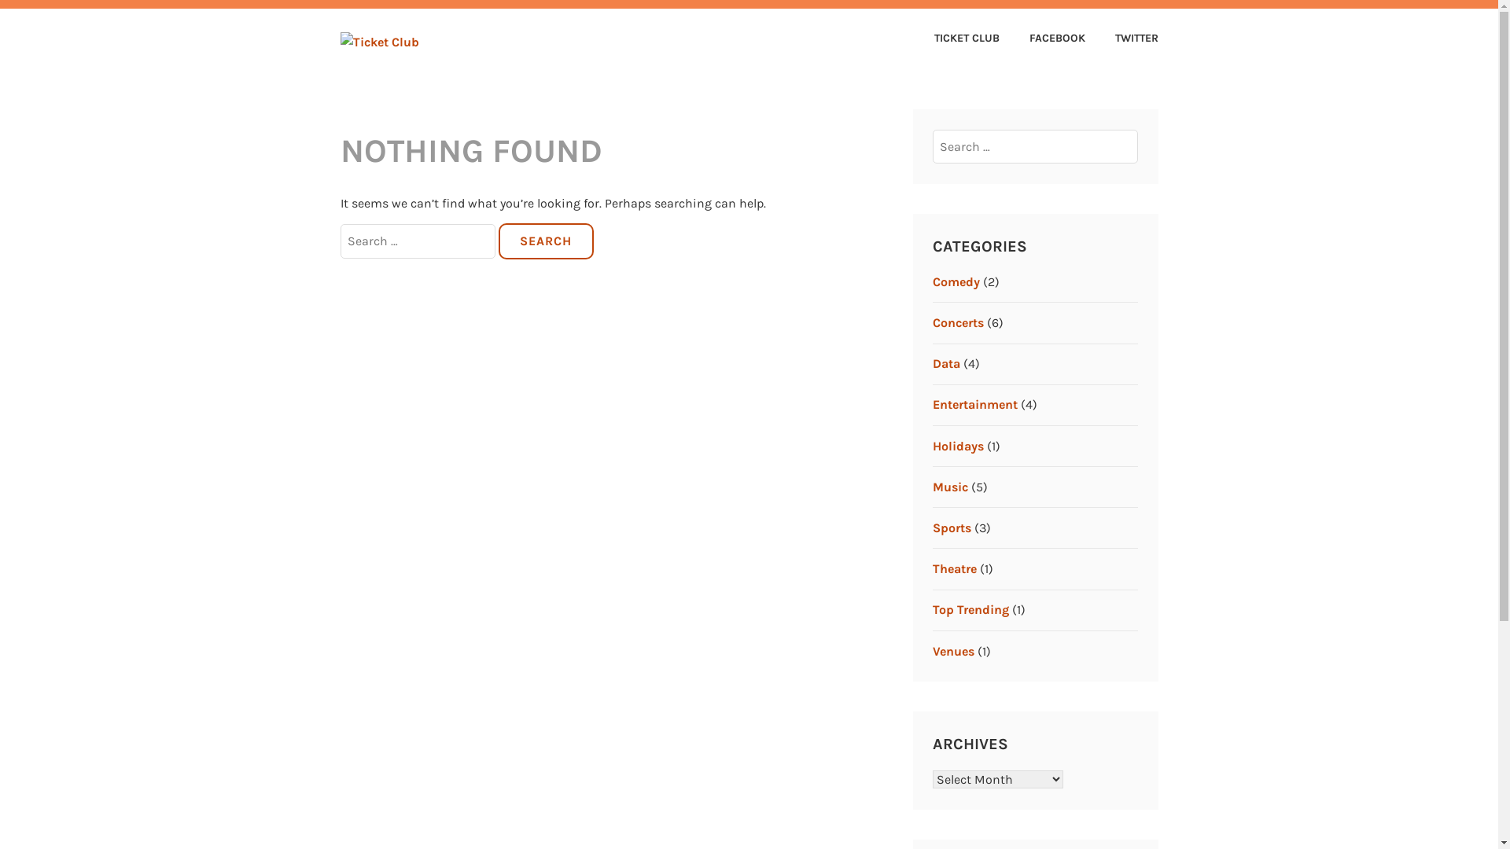  Describe the element at coordinates (955, 281) in the screenshot. I see `'Comedy'` at that location.